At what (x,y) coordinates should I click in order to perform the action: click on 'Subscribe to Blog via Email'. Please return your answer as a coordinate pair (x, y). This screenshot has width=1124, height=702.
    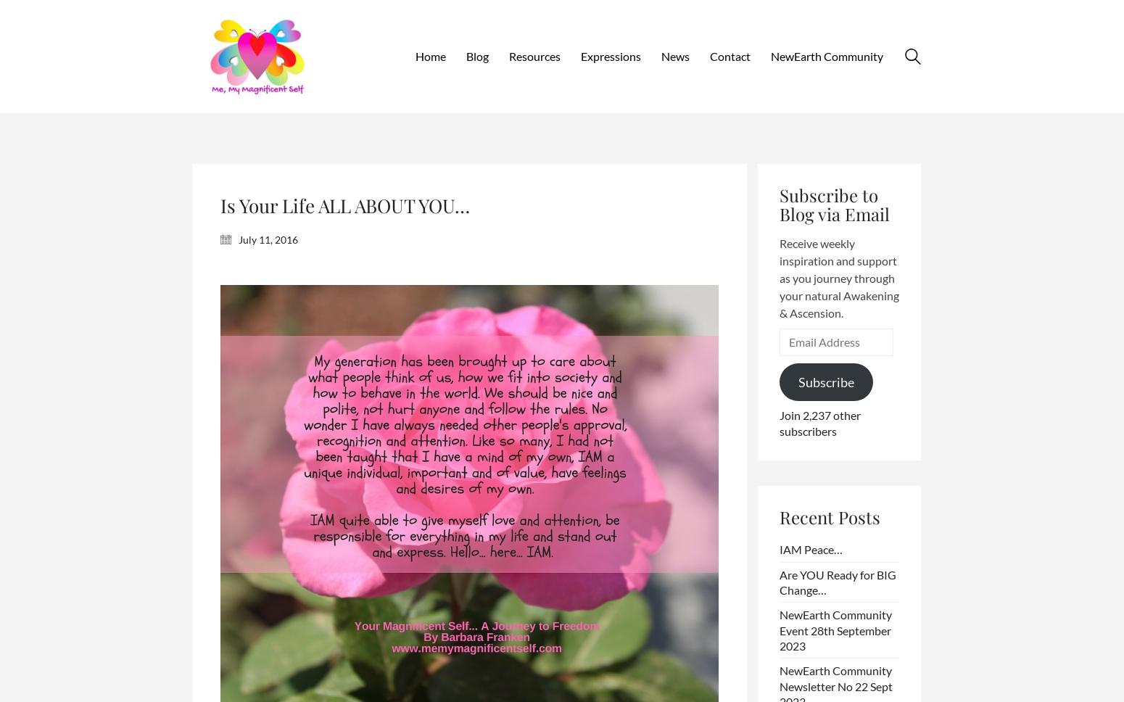
    Looking at the image, I should click on (834, 204).